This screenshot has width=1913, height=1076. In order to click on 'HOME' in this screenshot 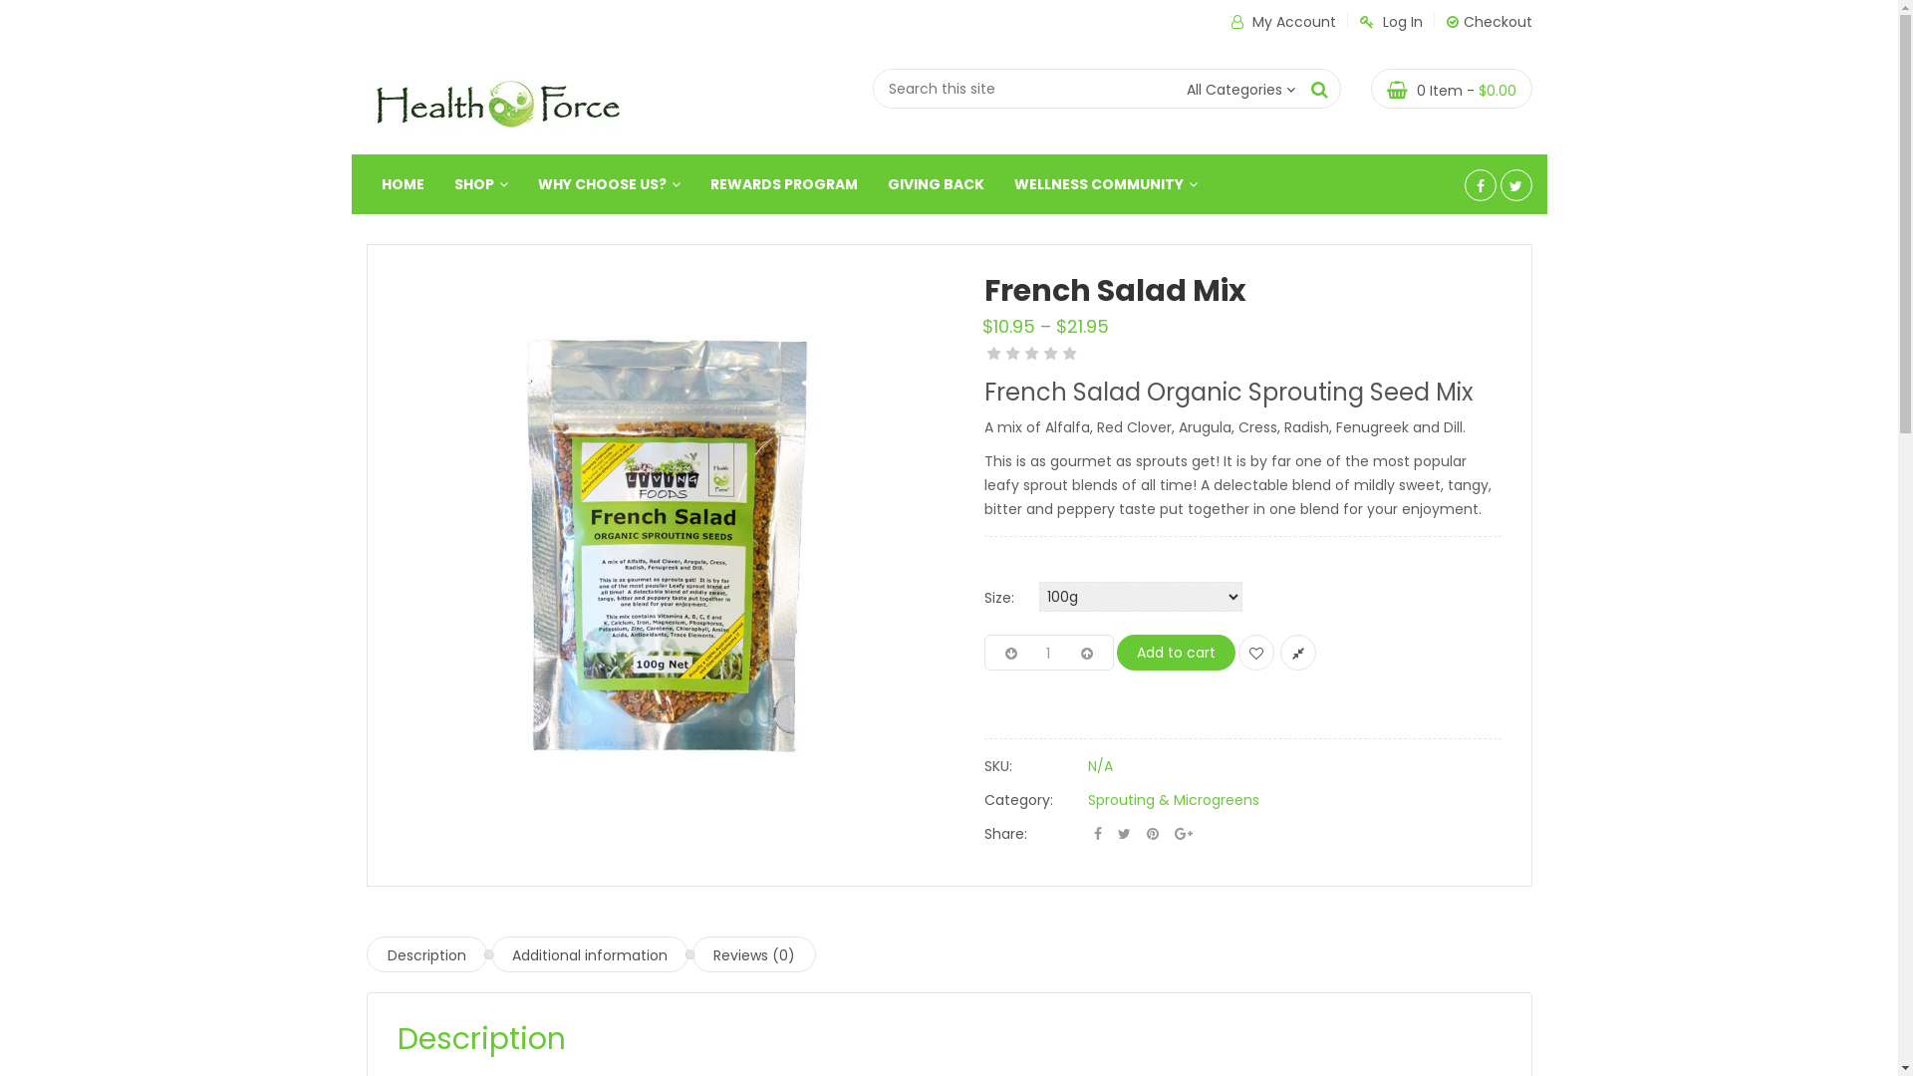, I will do `click(402, 184)`.